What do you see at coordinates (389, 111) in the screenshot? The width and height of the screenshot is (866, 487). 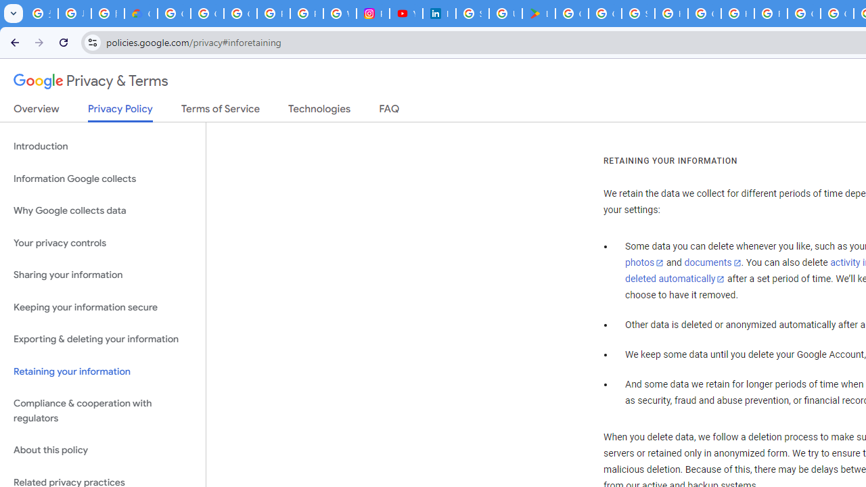 I see `'FAQ'` at bounding box center [389, 111].